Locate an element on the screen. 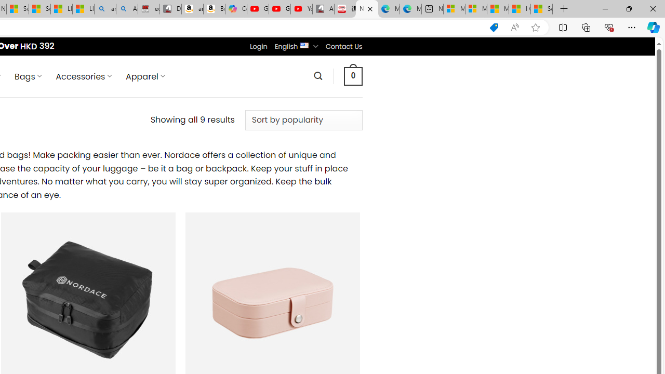 The height and width of the screenshot is (374, 665). 'amazon - Search' is located at coordinates (105, 9).